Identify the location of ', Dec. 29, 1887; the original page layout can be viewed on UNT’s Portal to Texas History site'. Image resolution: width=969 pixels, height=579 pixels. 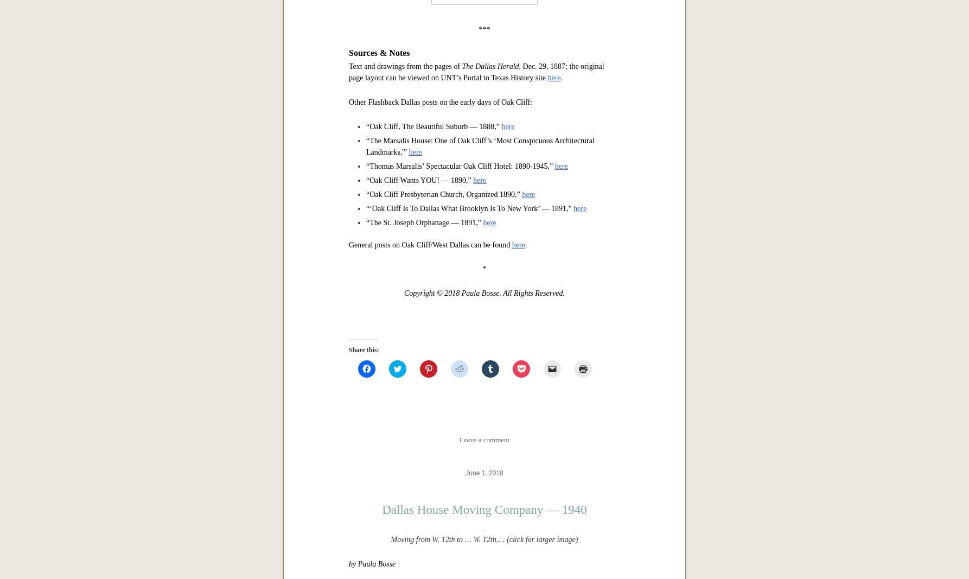
(475, 412).